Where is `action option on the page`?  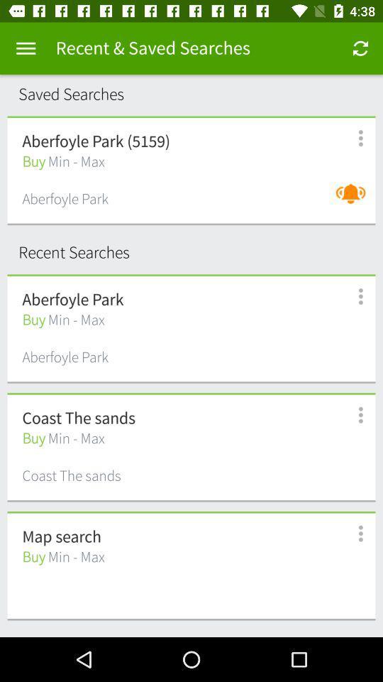
action option on the page is located at coordinates (26, 48).